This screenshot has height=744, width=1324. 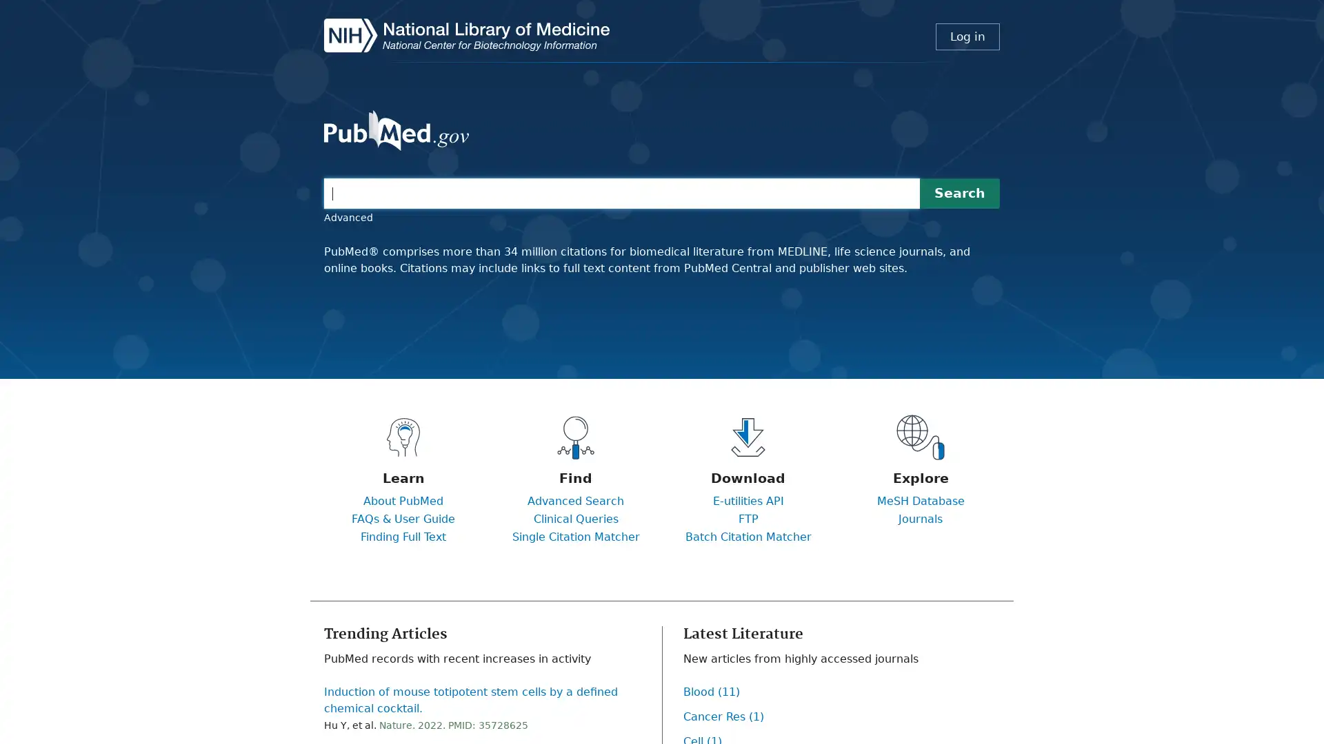 What do you see at coordinates (959, 194) in the screenshot?
I see `Search` at bounding box center [959, 194].